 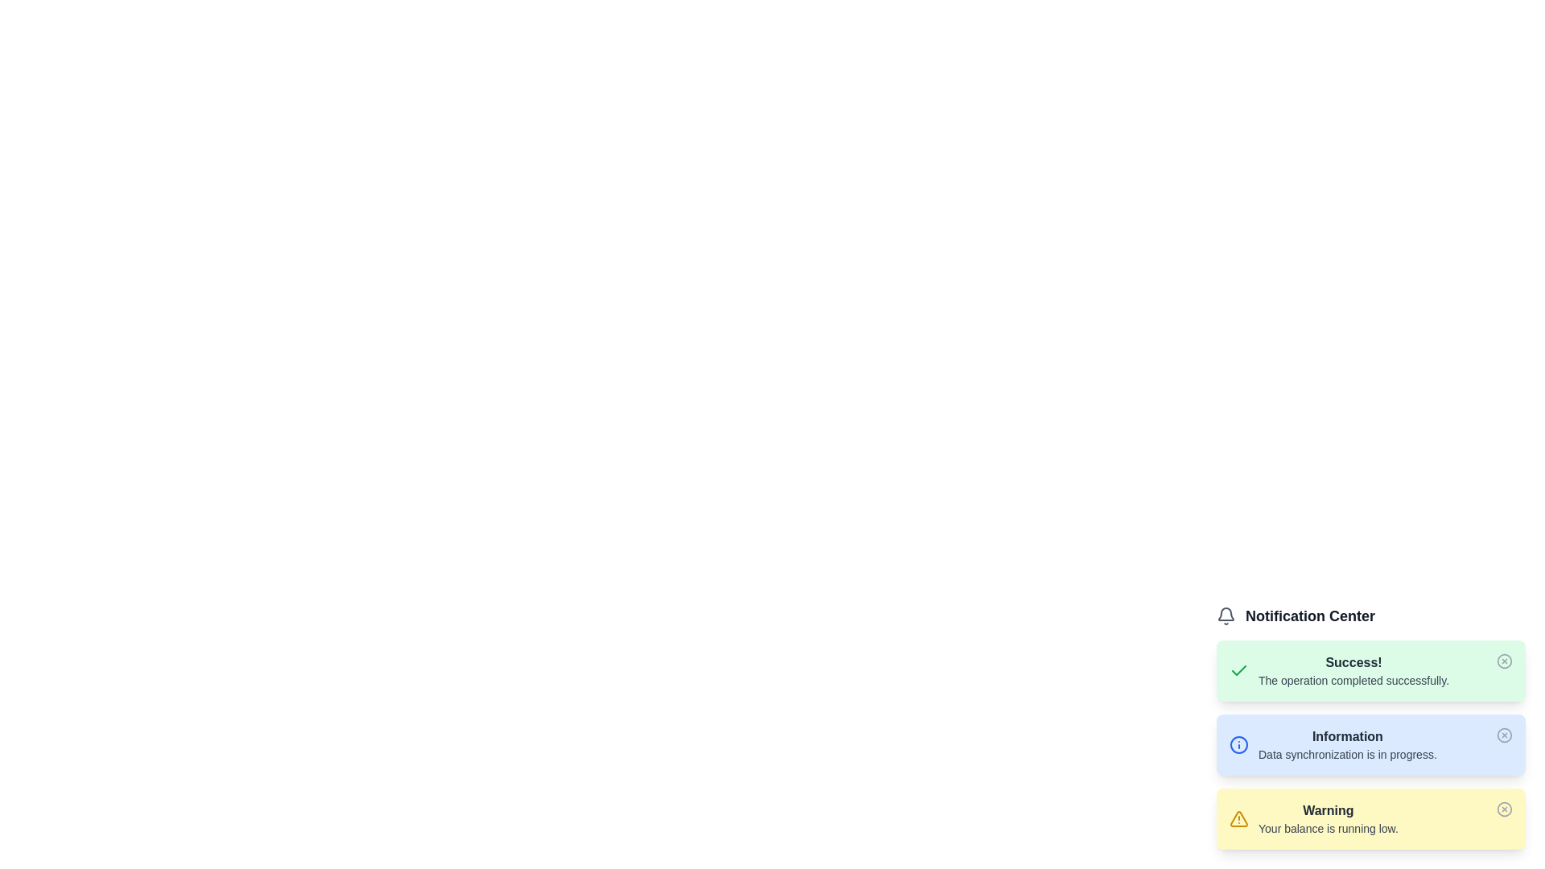 I want to click on warning notification displayed in the third notification card from the top in the Notification Center panel, which informs users about their low balance, so click(x=1370, y=819).